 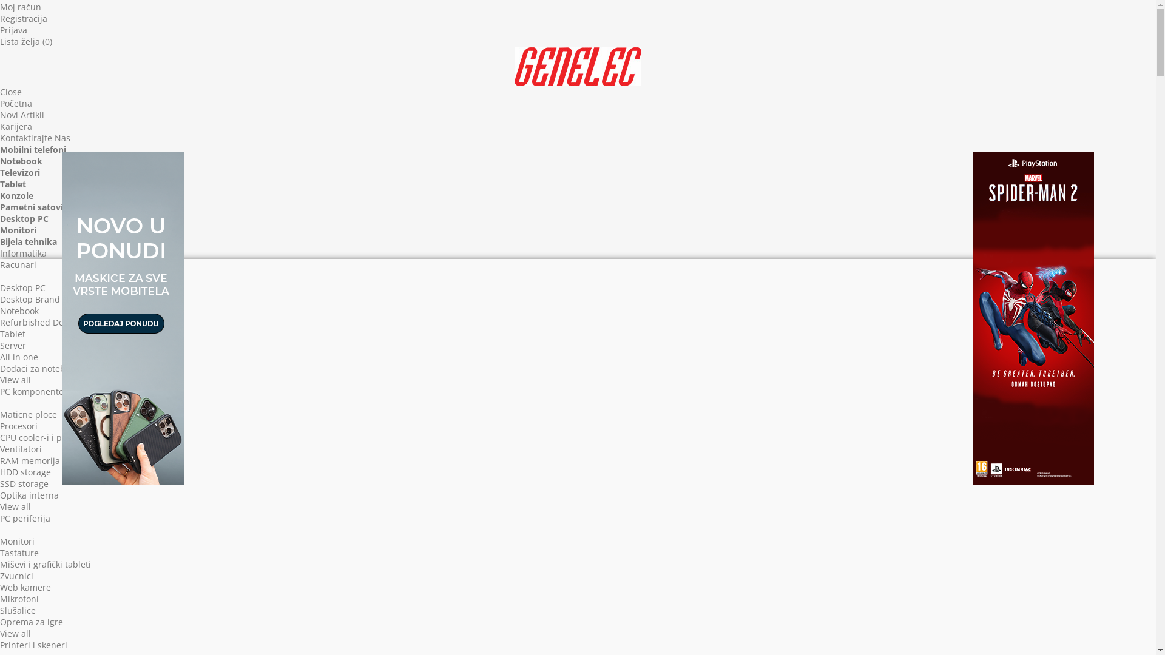 What do you see at coordinates (19, 310) in the screenshot?
I see `'Notebook'` at bounding box center [19, 310].